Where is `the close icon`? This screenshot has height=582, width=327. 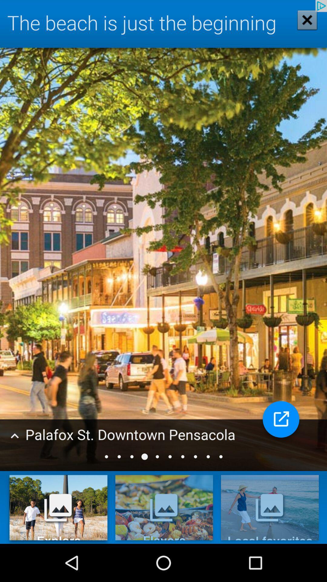
the close icon is located at coordinates (307, 21).